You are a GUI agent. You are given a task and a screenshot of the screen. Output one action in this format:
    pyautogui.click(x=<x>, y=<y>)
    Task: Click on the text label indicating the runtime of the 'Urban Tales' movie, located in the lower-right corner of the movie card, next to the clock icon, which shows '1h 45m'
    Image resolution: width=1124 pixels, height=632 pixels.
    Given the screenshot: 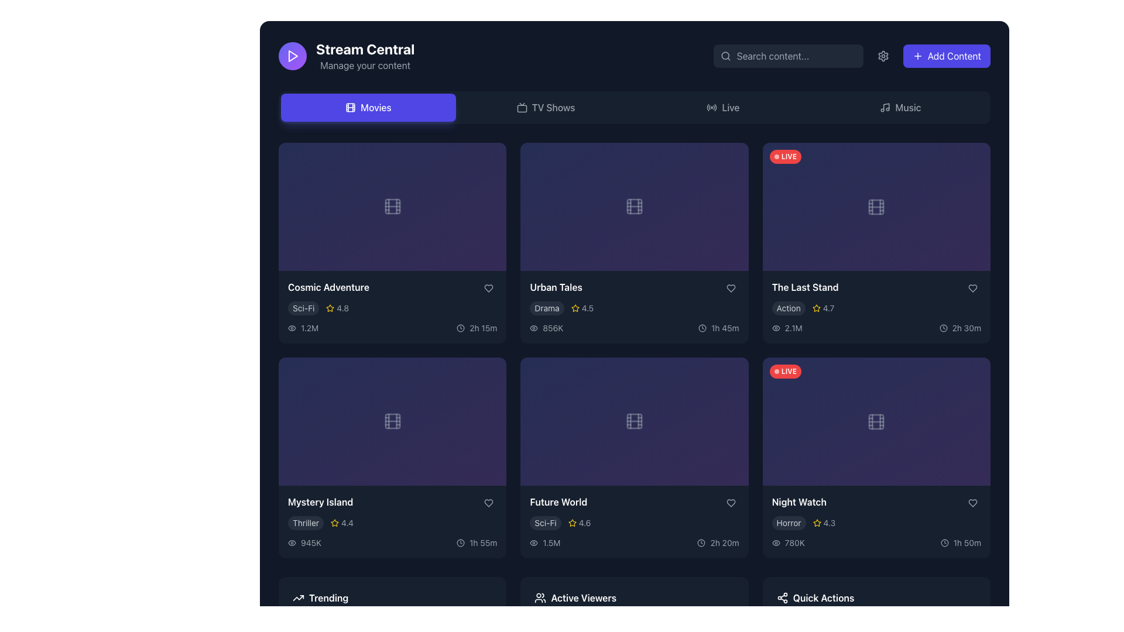 What is the action you would take?
    pyautogui.click(x=724, y=328)
    